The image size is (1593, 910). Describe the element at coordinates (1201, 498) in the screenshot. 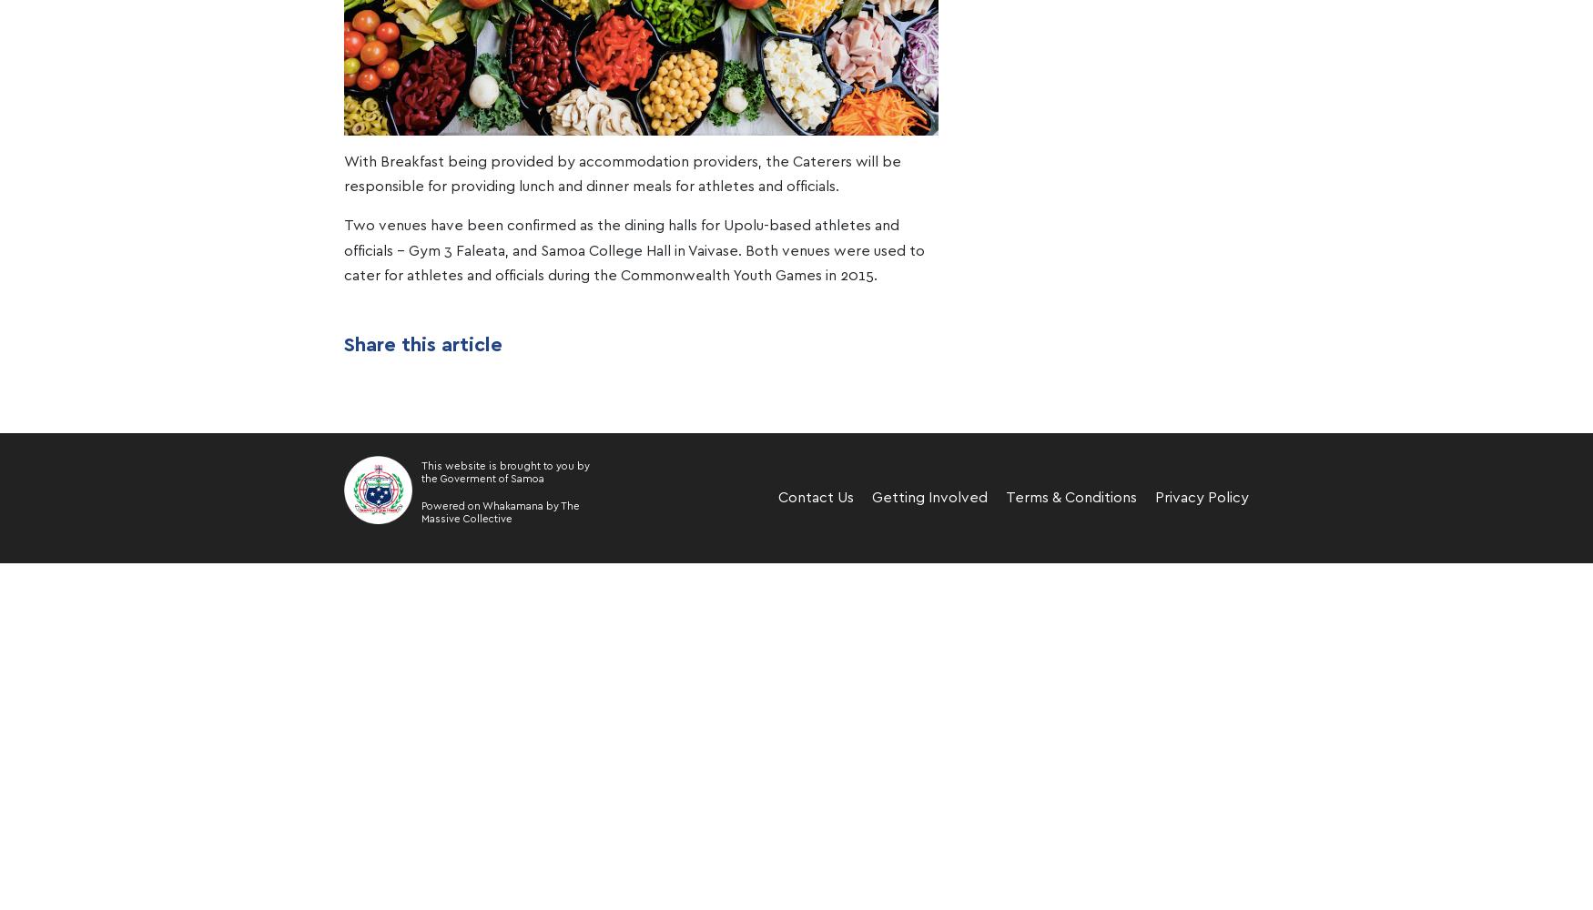

I see `'Privacy Policy'` at that location.